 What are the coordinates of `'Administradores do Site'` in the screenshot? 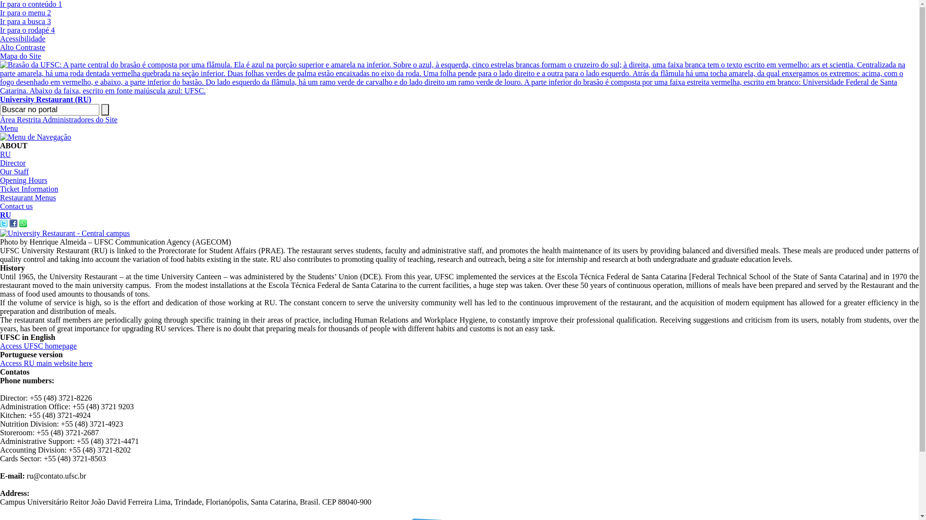 It's located at (80, 119).